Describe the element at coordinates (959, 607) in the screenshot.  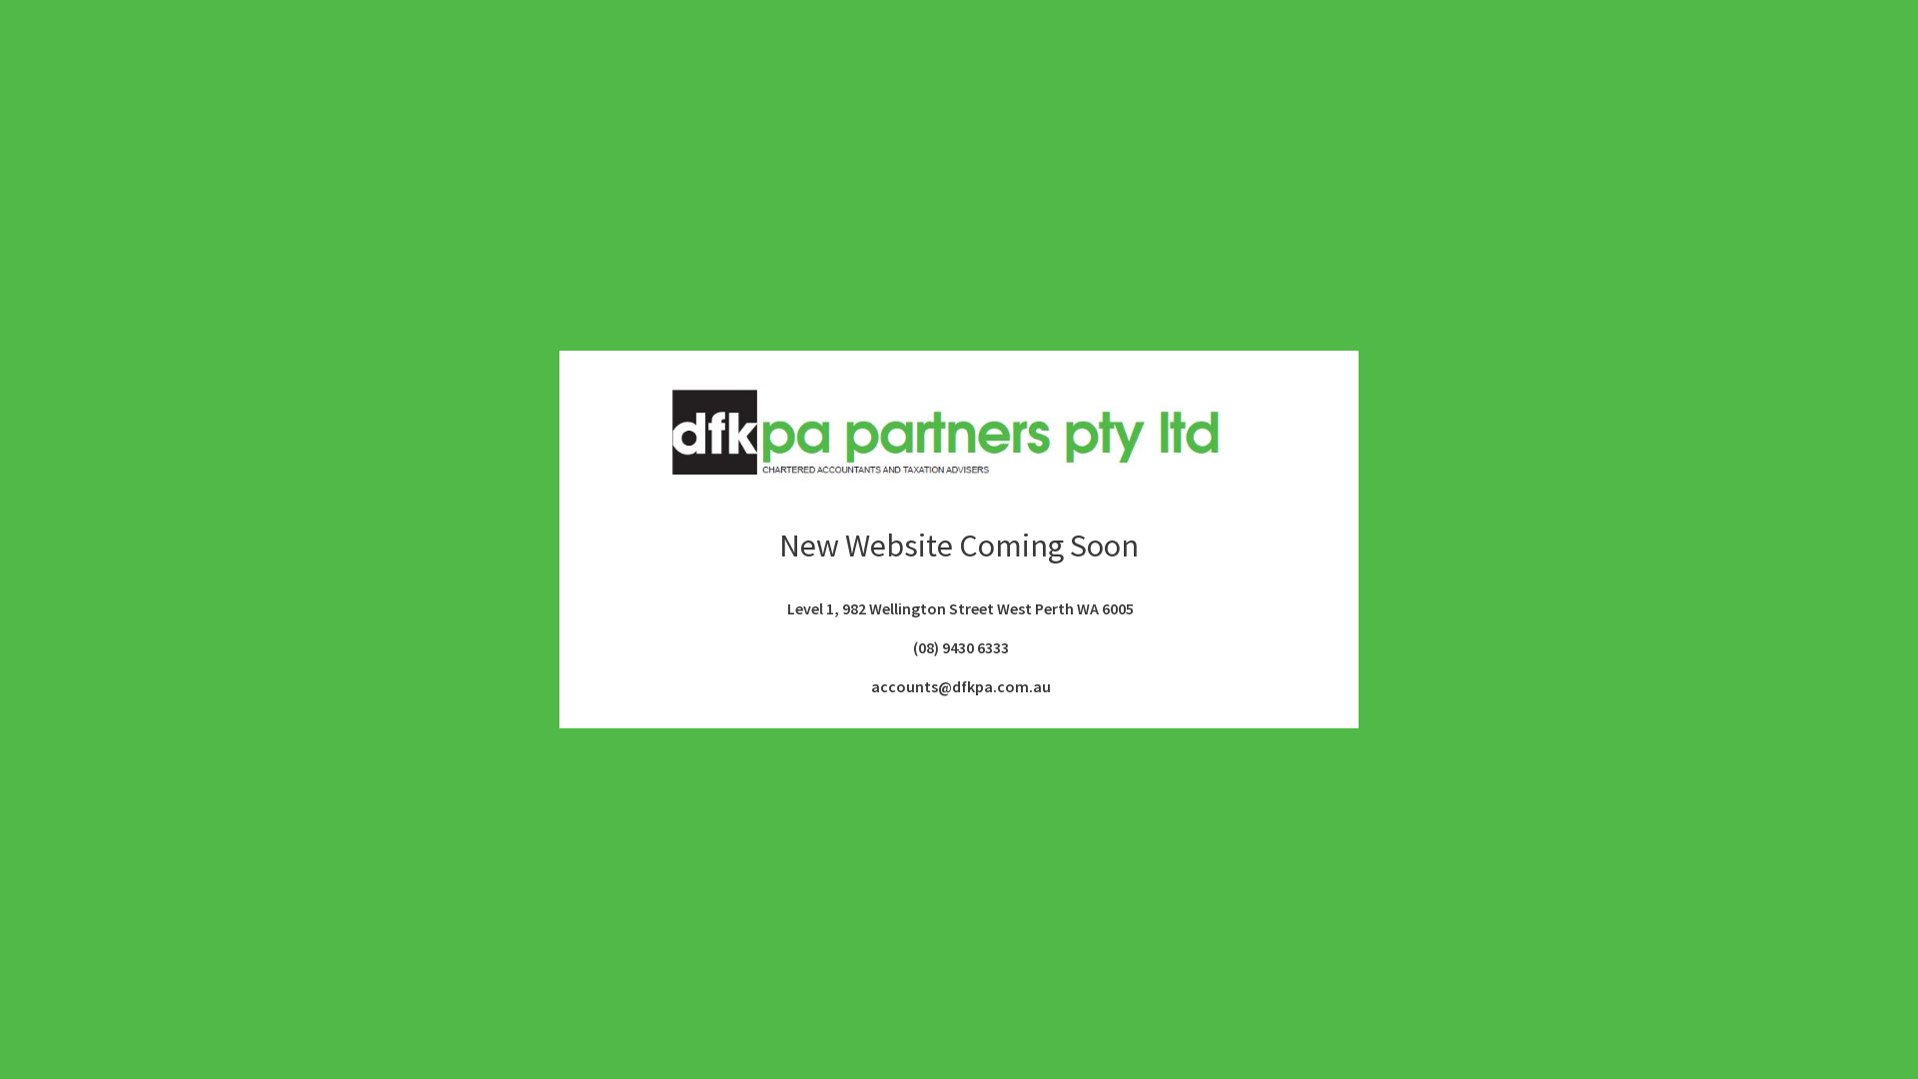
I see `'Level 1, 982 Wellington Street West Perth WA 6005'` at that location.